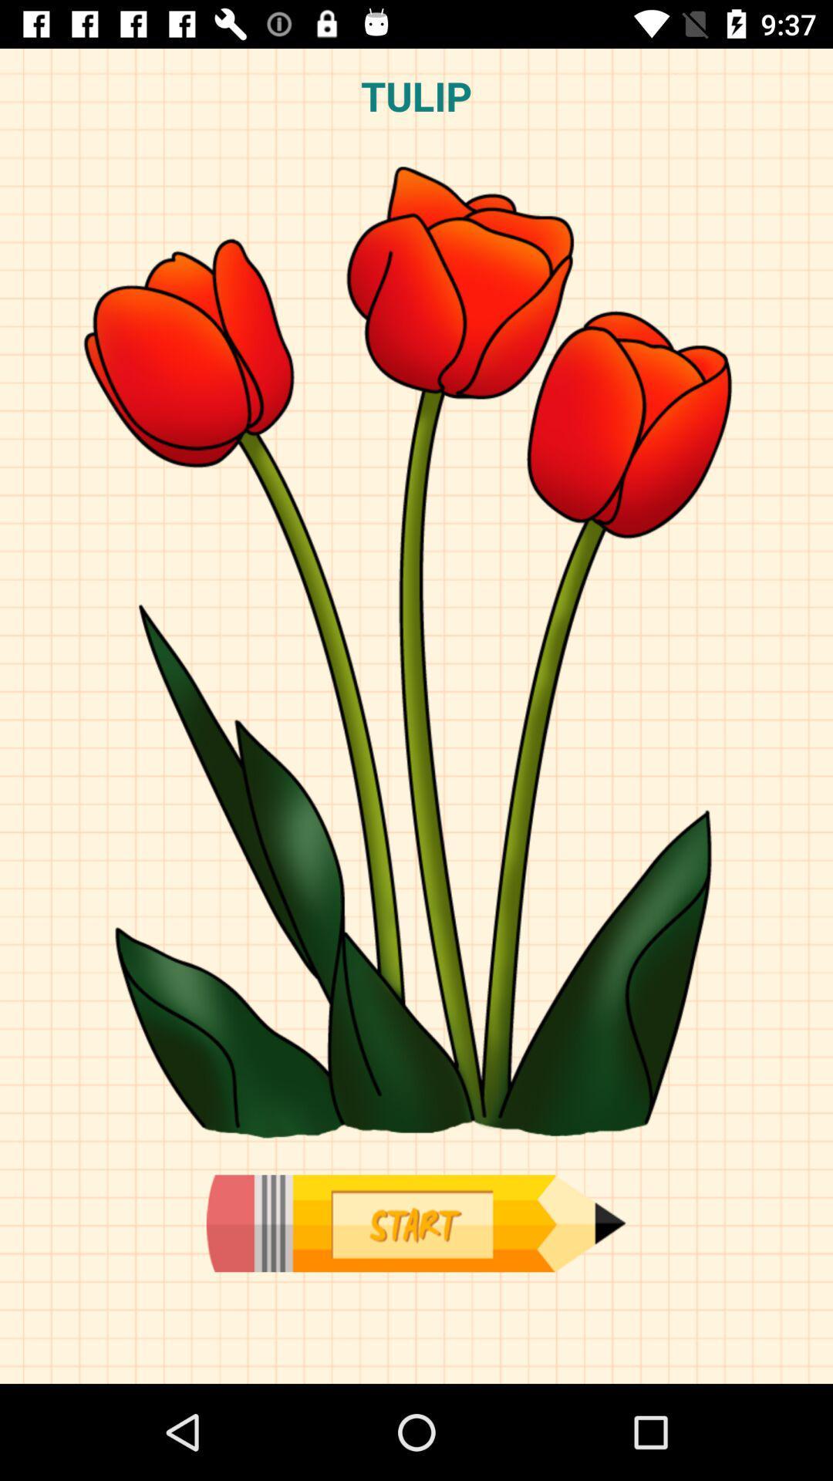  I want to click on start drawing exercise, so click(415, 1223).